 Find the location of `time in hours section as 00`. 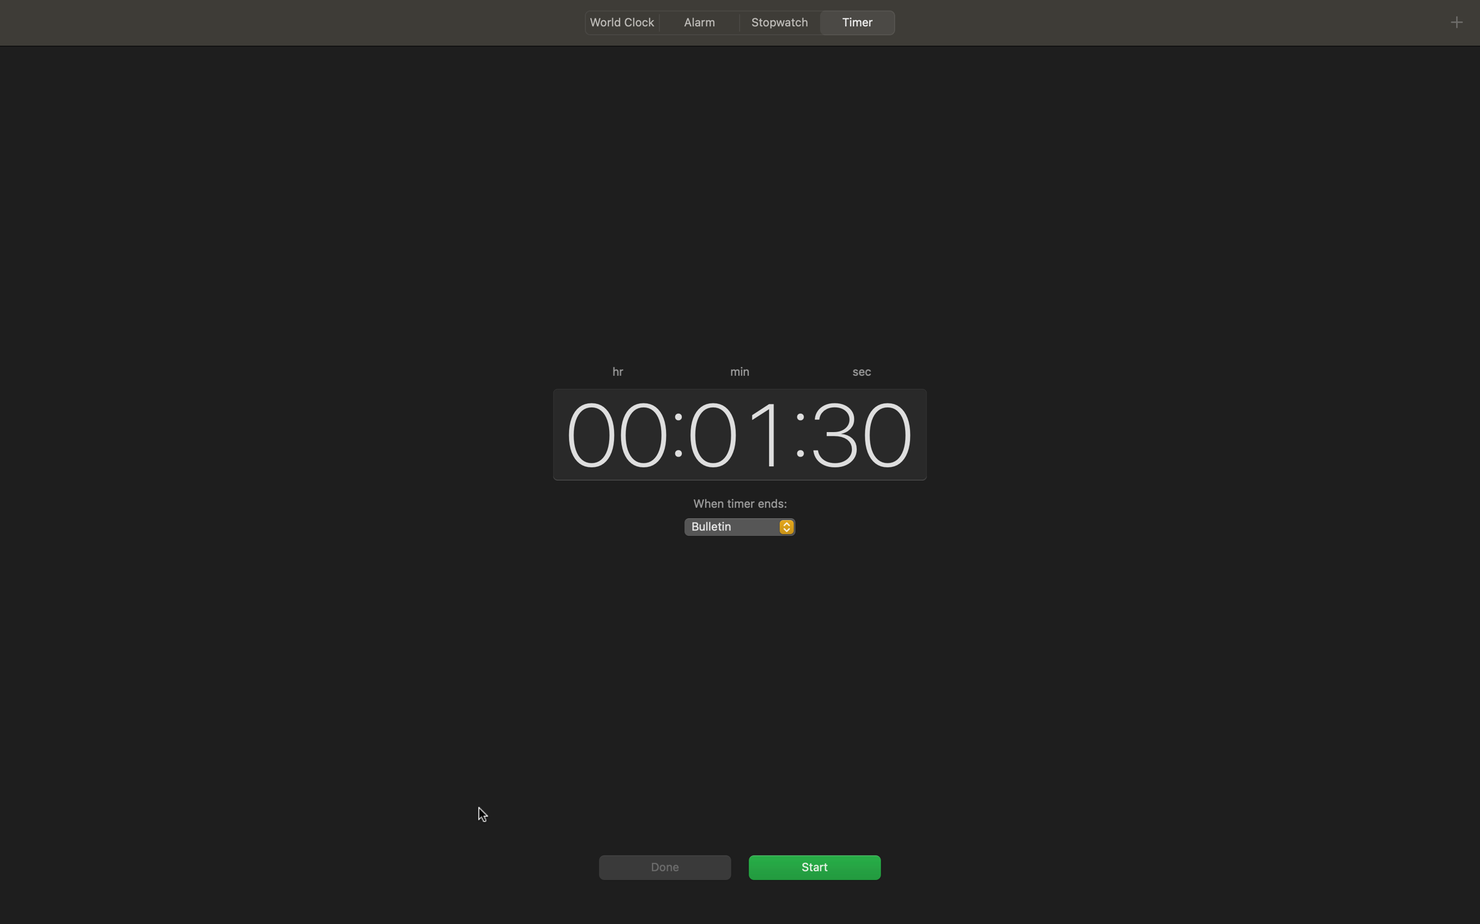

time in hours section as 00 is located at coordinates (612, 432).